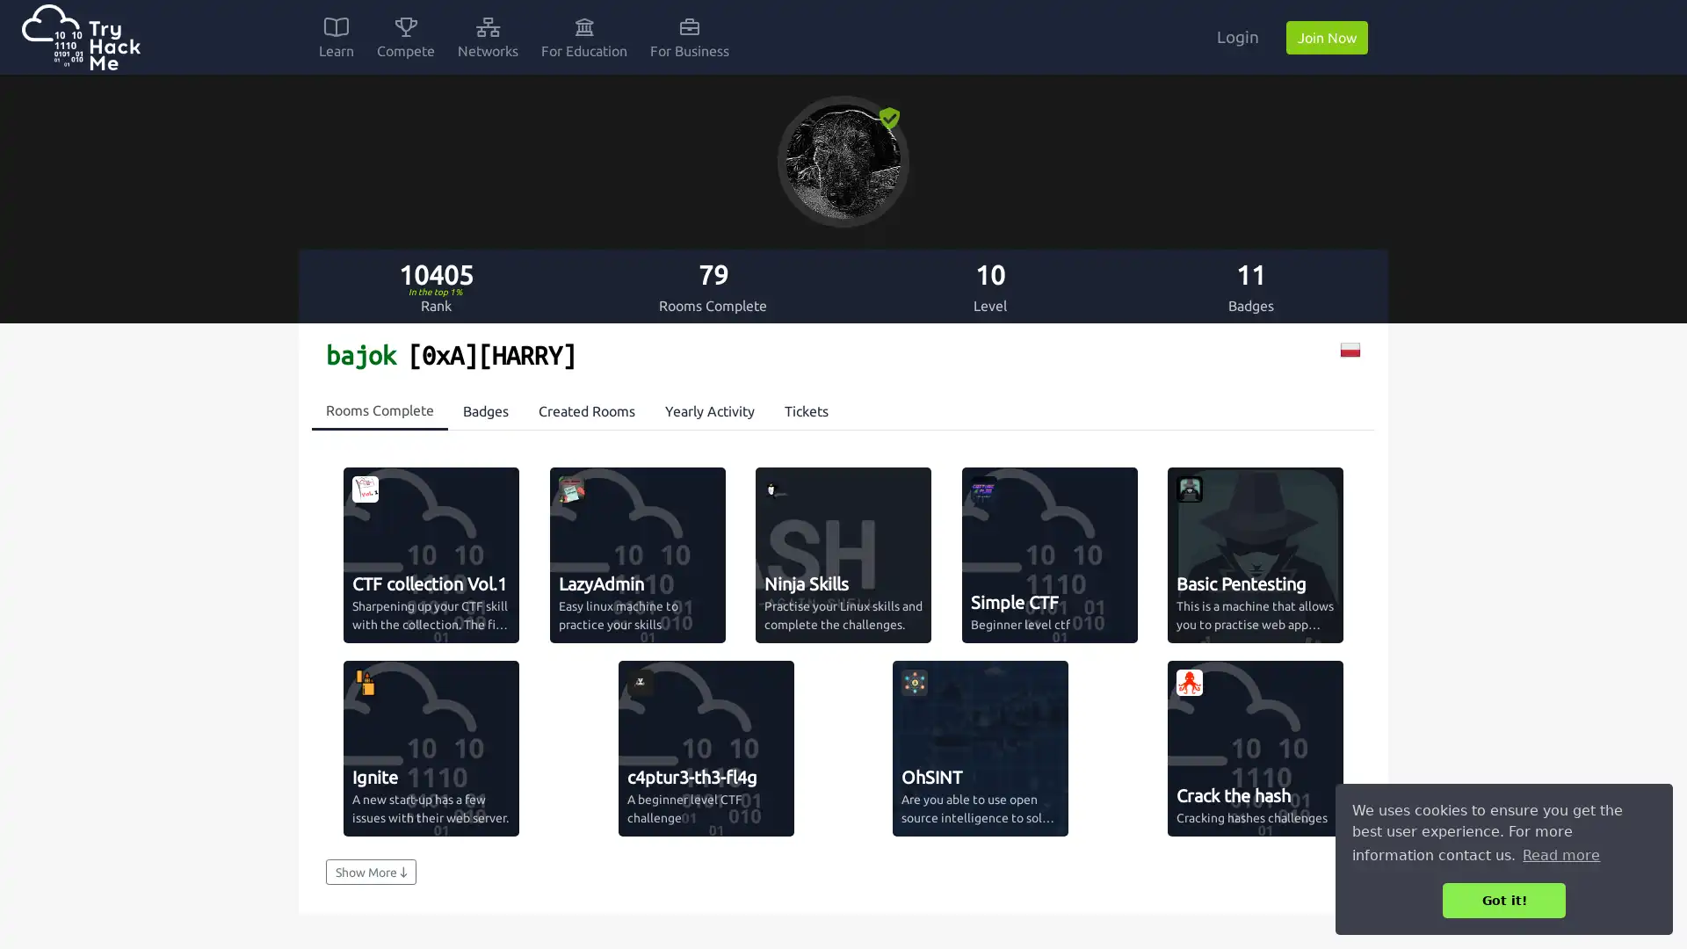  Describe the element at coordinates (1327, 37) in the screenshot. I see `Join Now` at that location.